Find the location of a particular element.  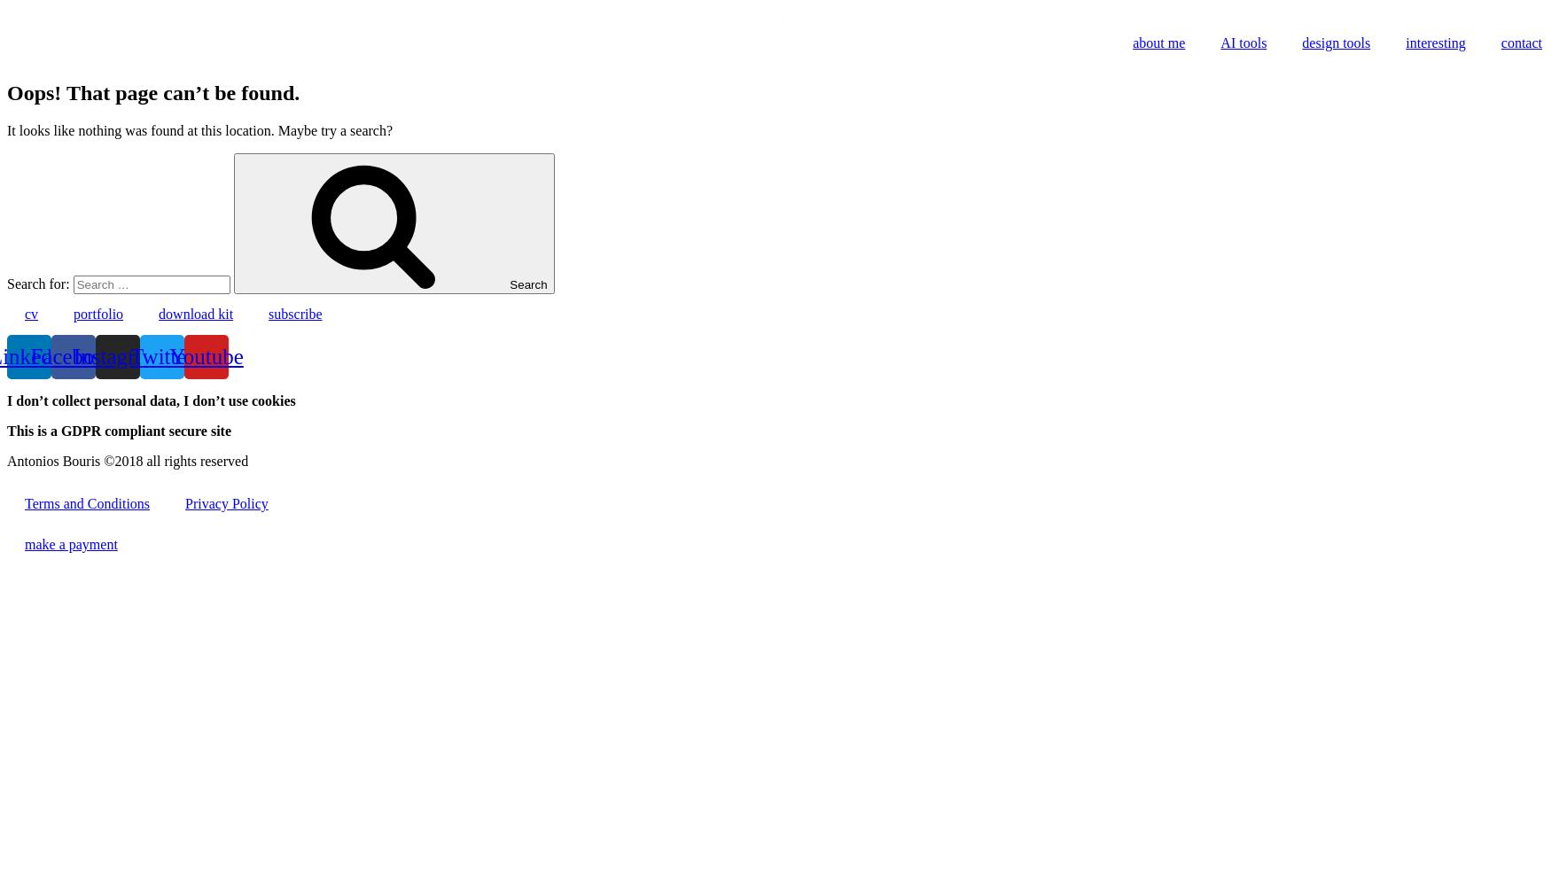

'Oops! That page can’t be found.' is located at coordinates (152, 91).